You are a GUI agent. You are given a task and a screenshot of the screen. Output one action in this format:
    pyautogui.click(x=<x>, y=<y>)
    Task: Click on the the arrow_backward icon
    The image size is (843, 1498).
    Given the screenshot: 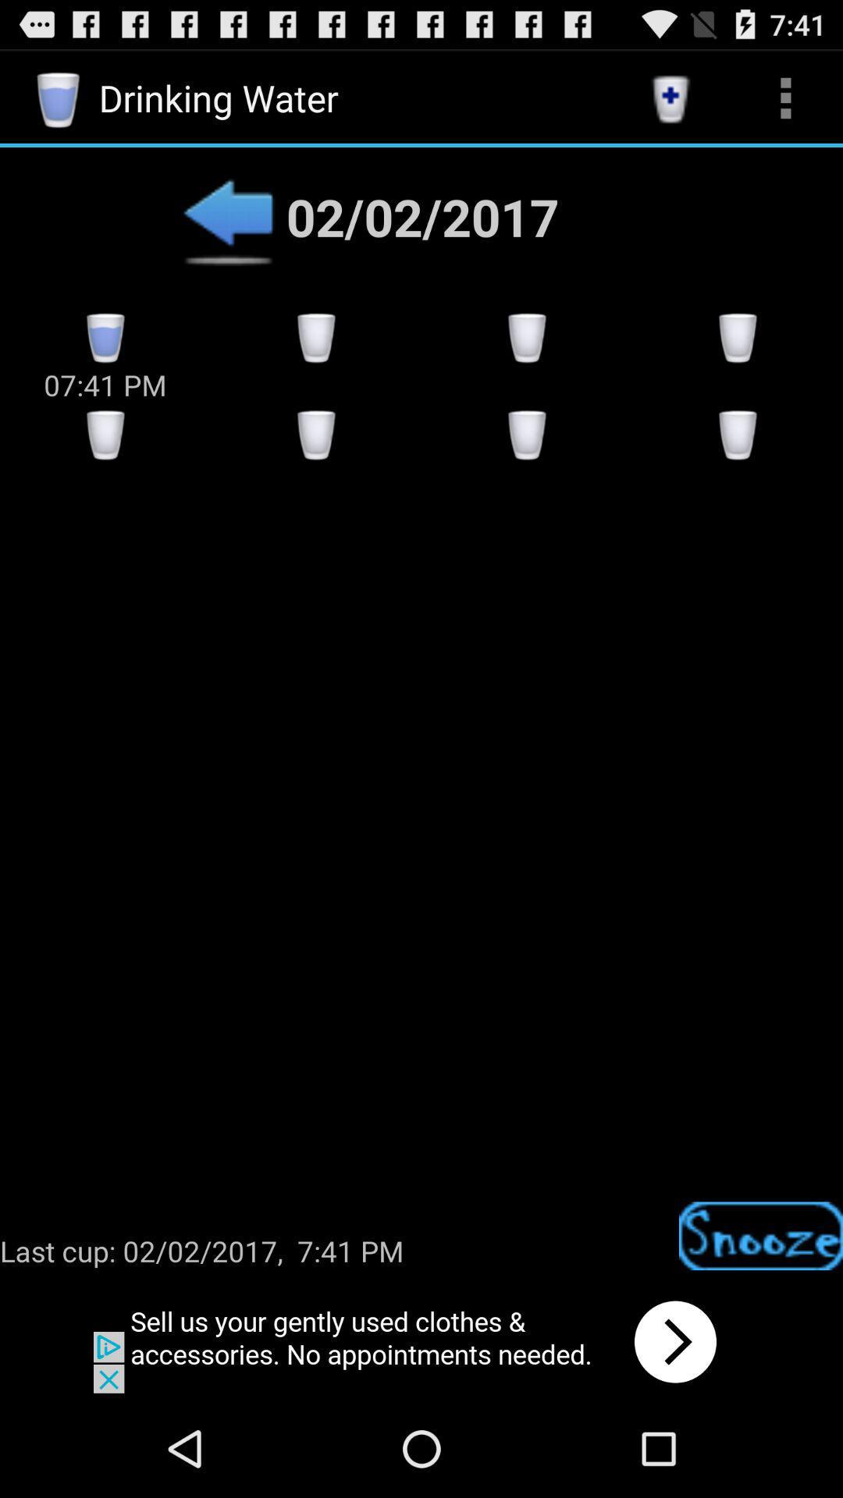 What is the action you would take?
    pyautogui.click(x=228, y=231)
    